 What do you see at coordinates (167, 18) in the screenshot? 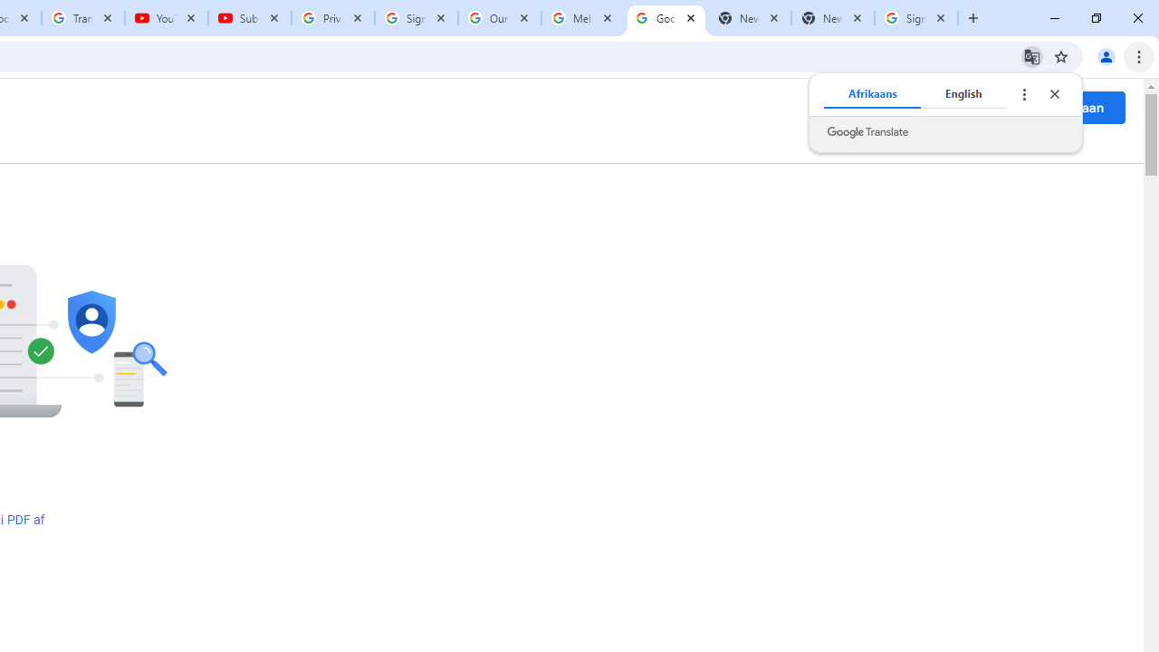
I see `'YouTube'` at bounding box center [167, 18].